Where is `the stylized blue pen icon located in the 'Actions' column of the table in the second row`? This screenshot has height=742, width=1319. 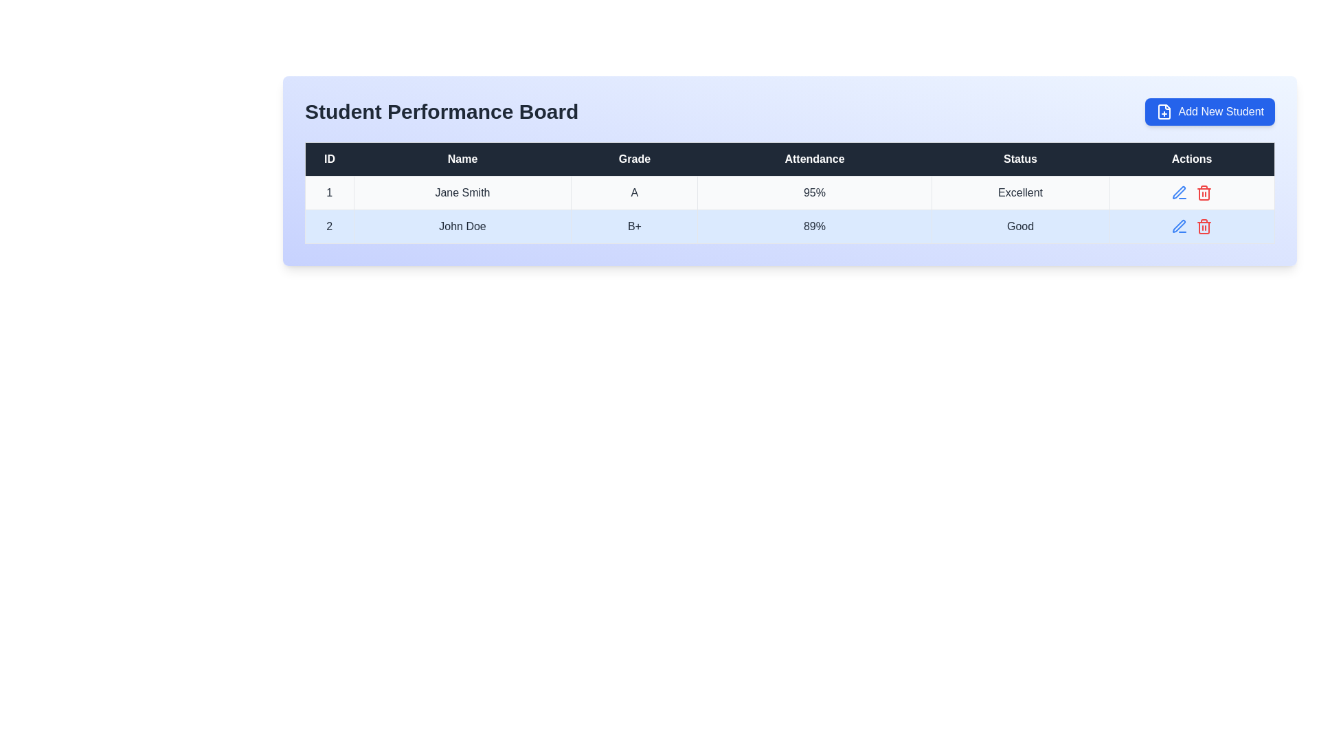
the stylized blue pen icon located in the 'Actions' column of the table in the second row is located at coordinates (1178, 192).